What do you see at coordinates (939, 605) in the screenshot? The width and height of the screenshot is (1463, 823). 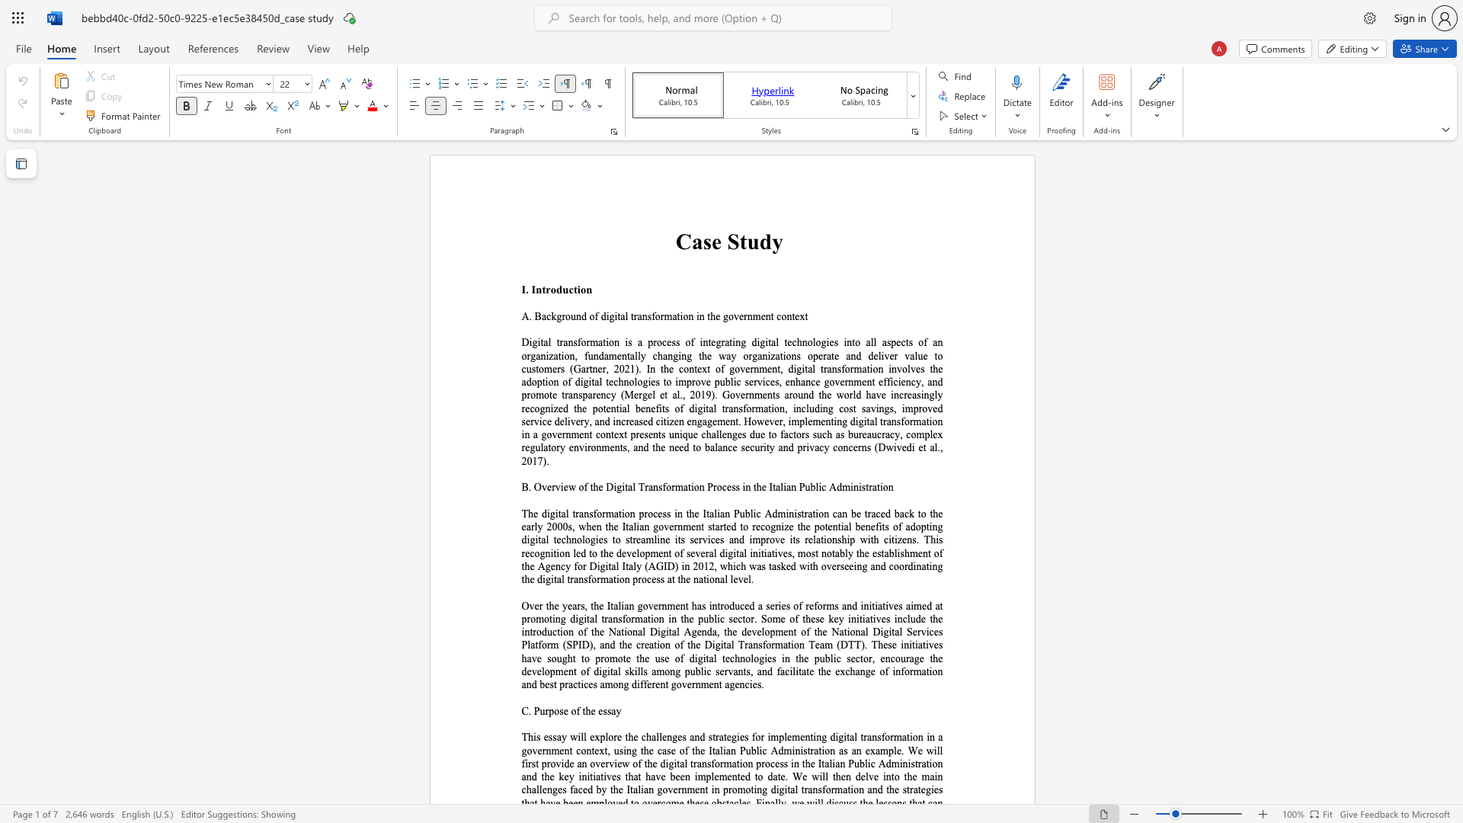 I see `the subset text "t promoting digital transformation in the public sector. Some of these key initiatives include the introduction of the National Digital Agenda, the development of the National Digital Services Platform (SPID), and the creation of the Digital Transformation Team (DTT). These" within the text "Over the years, the Italian government has introduced a series of reforms and initiatives aimed at promoting digital transformation in the public sector. Some of these key initiatives include the introduction of the National Digital Agenda, the development of the National Digital Services Platform (SPID), and the creation of the Digital Transformation Team (DTT). These initiatives have"` at bounding box center [939, 605].